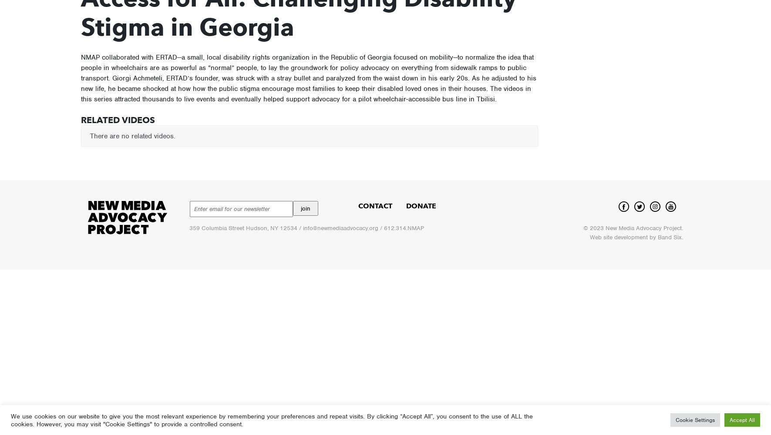 This screenshot has width=771, height=435. What do you see at coordinates (117, 120) in the screenshot?
I see `'Related Videos'` at bounding box center [117, 120].